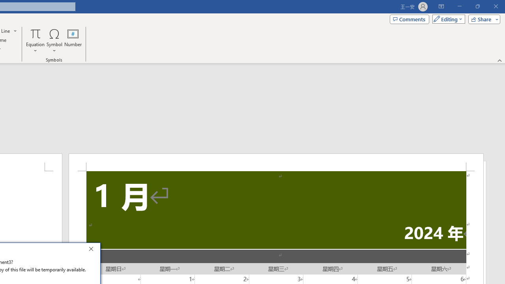  Describe the element at coordinates (35, 41) in the screenshot. I see `'Equation'` at that location.